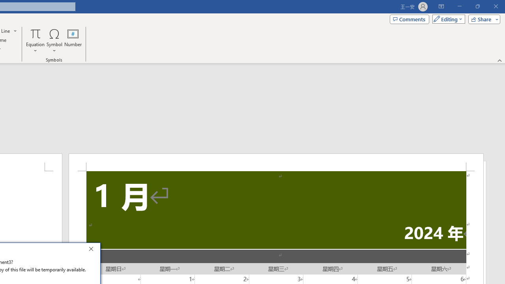  Describe the element at coordinates (35, 41) in the screenshot. I see `'Equation'` at that location.